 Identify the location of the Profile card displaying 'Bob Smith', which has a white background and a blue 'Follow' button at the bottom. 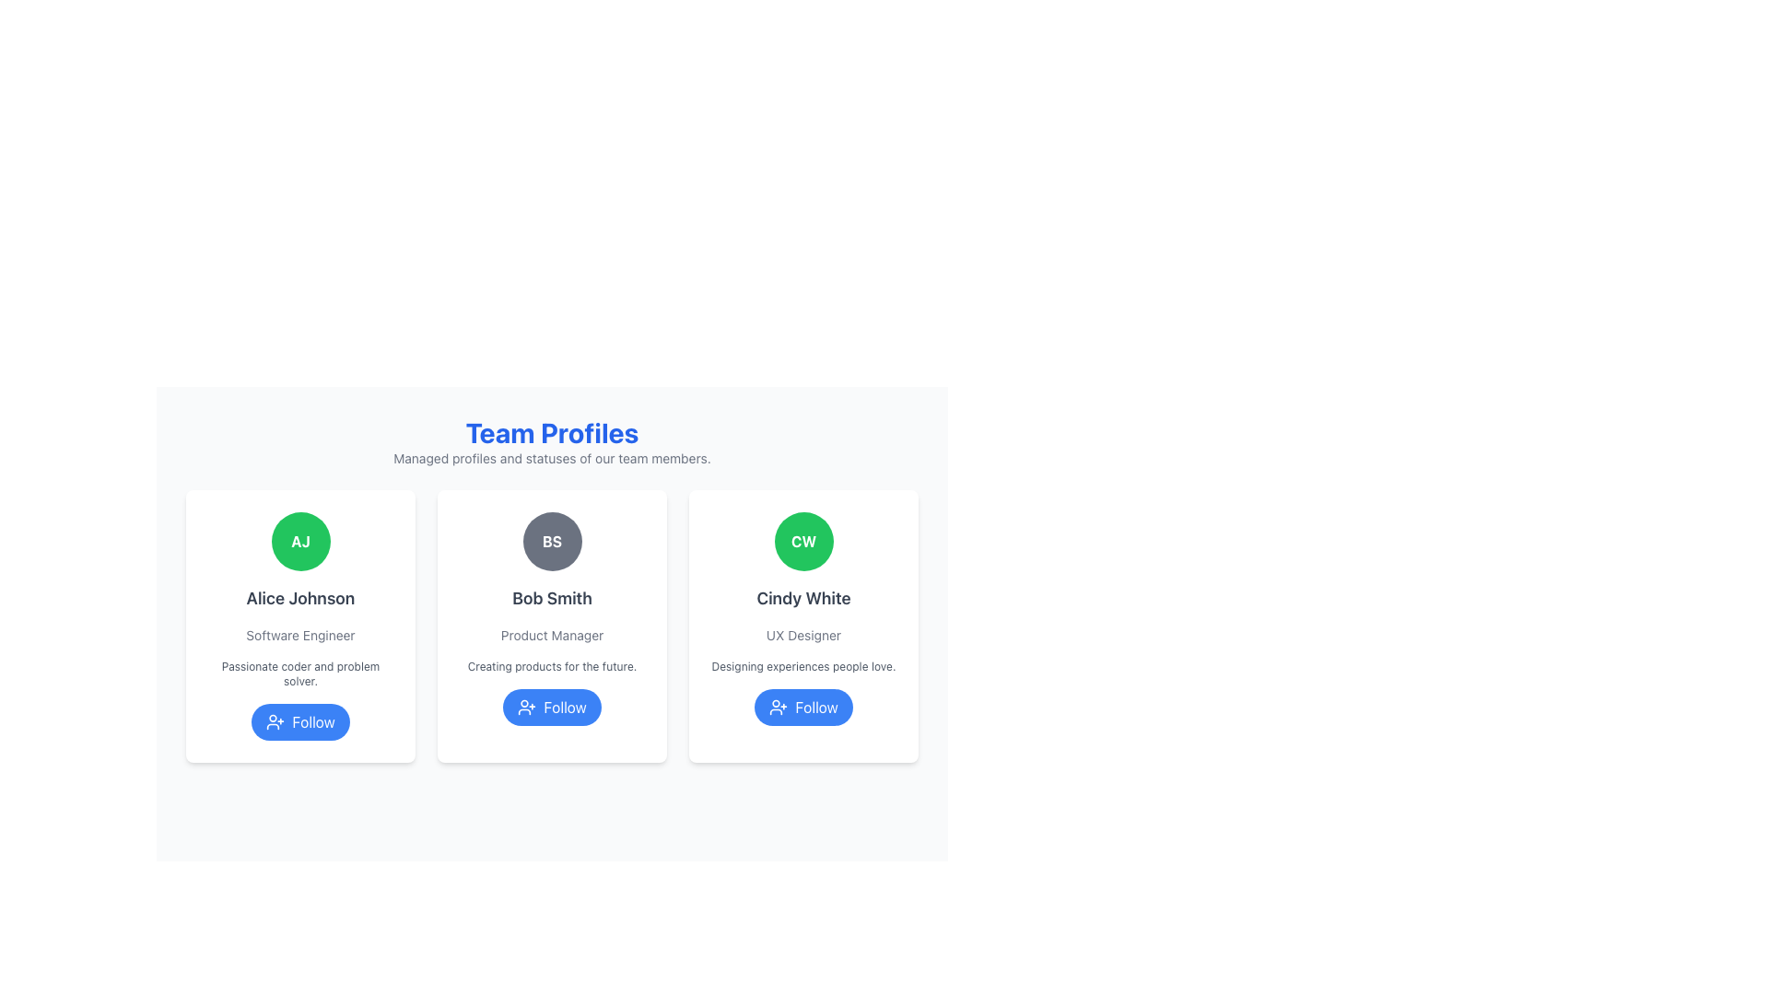
(551, 625).